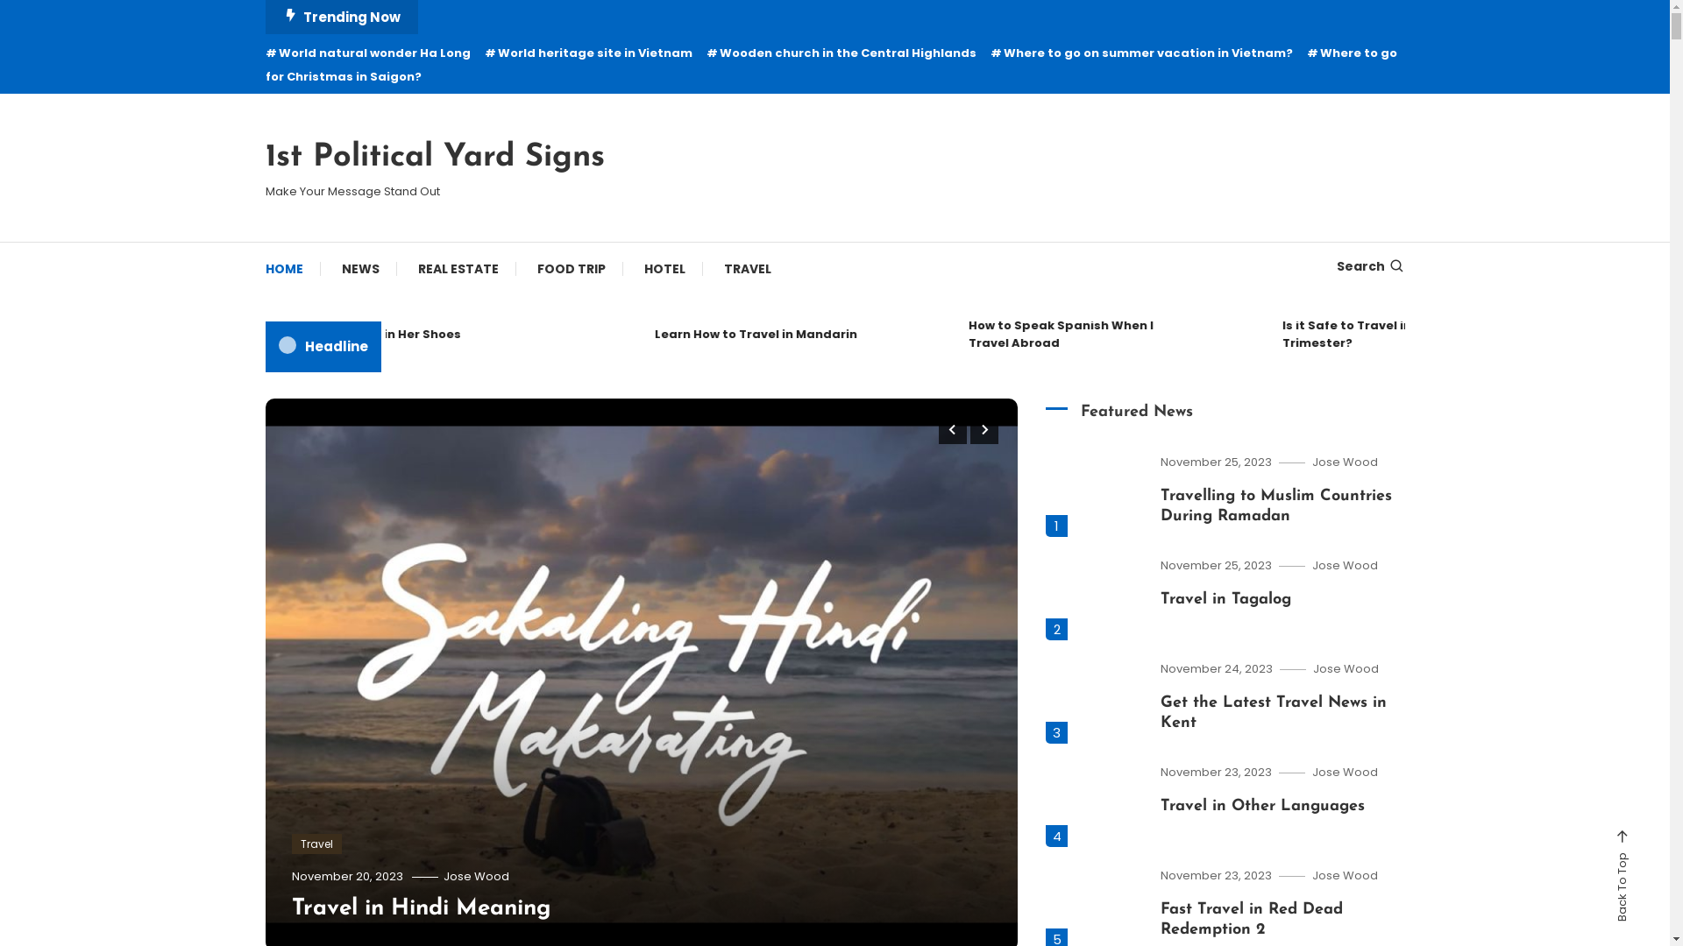 The width and height of the screenshot is (1683, 946). What do you see at coordinates (663, 269) in the screenshot?
I see `'HOTEL'` at bounding box center [663, 269].